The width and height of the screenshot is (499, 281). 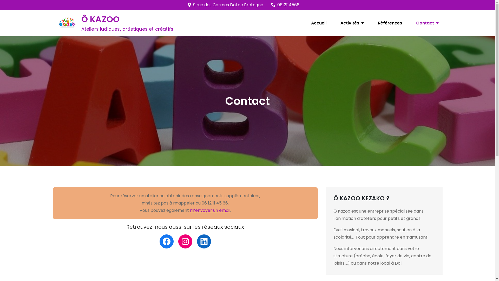 I want to click on 'LinkedIn', so click(x=204, y=241).